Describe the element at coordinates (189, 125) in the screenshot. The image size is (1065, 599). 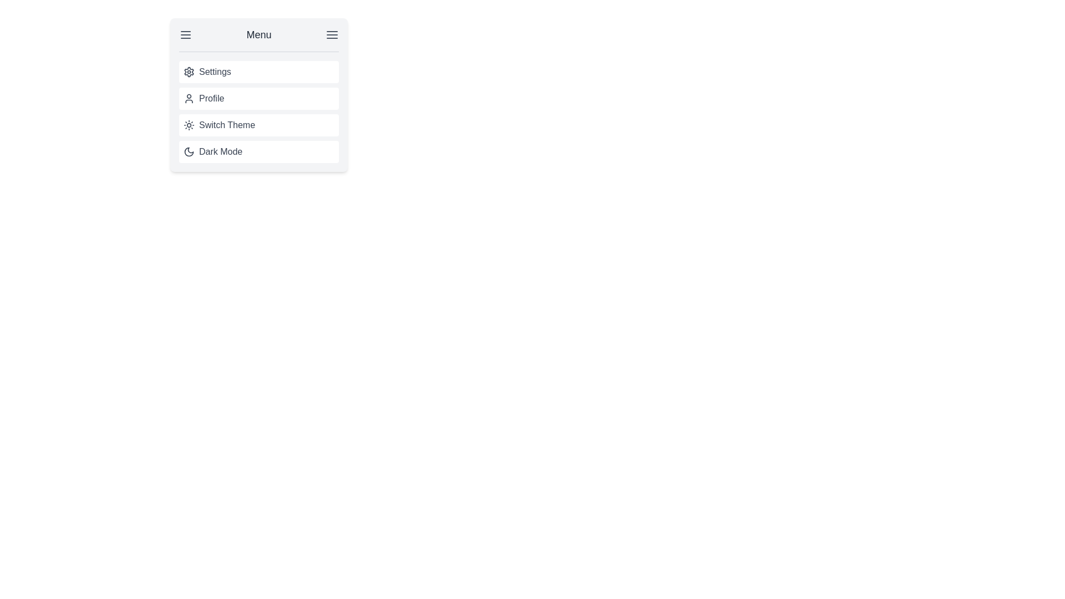
I see `the sun icon used for toggling between light and dark themes, located to the left of the 'Switch Theme' text in the third row of the menu options` at that location.